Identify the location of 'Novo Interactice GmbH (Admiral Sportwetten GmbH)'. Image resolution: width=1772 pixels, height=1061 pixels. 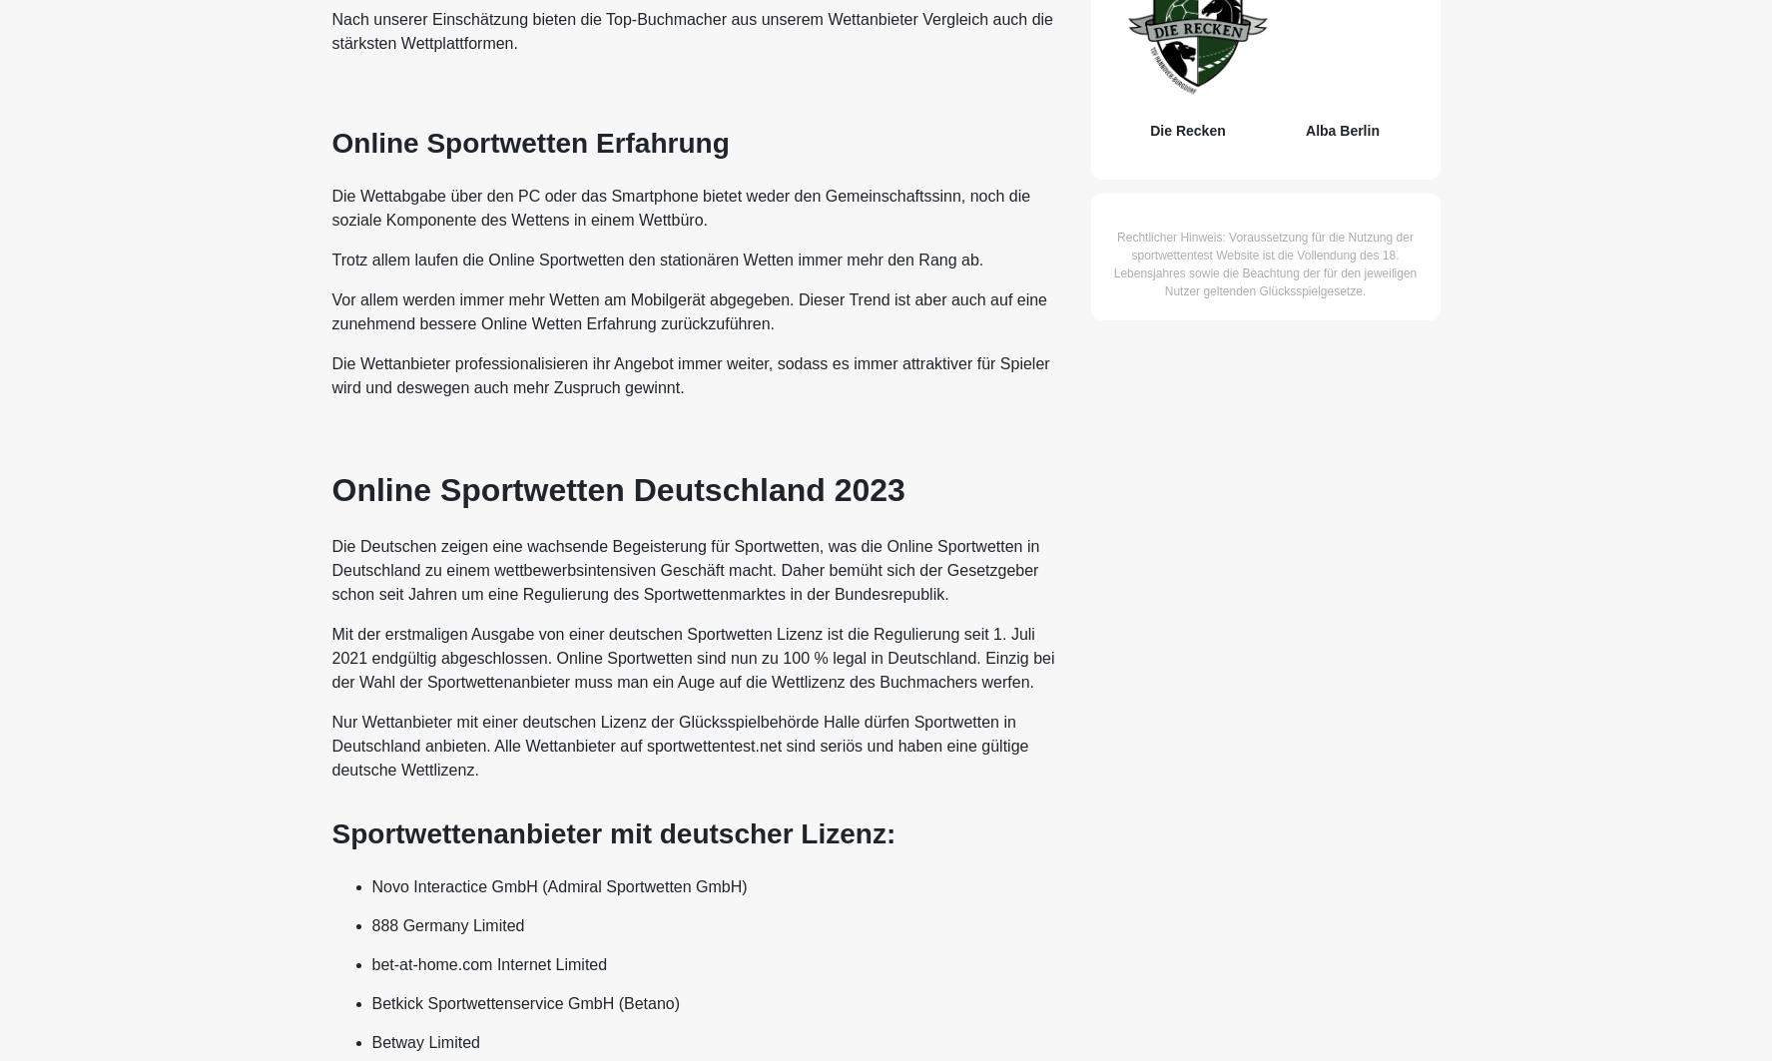
(558, 885).